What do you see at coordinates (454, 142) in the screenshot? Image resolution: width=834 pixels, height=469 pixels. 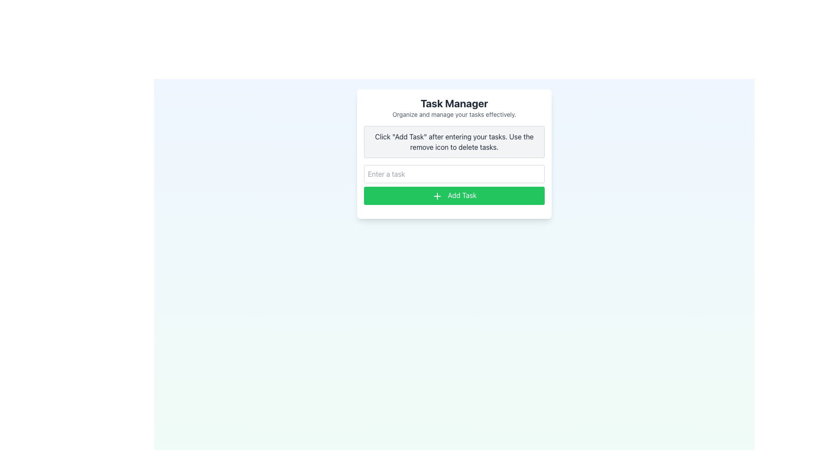 I see `the informational text box that explains how to add and remove tasks within the 'Task Manager' card, located below the subtitle and above the task input field` at bounding box center [454, 142].